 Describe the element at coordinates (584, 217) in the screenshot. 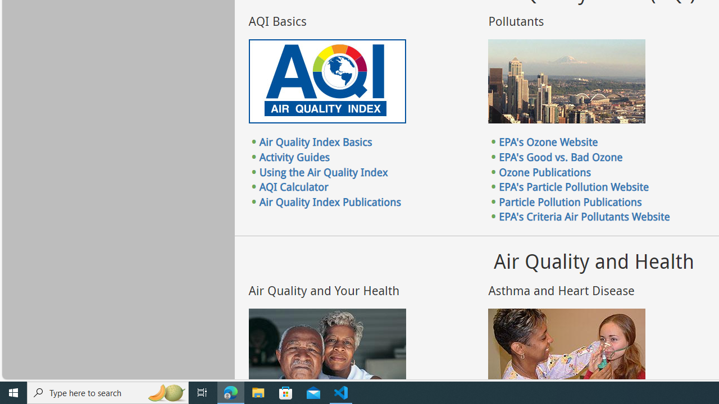

I see `'EPA'` at that location.